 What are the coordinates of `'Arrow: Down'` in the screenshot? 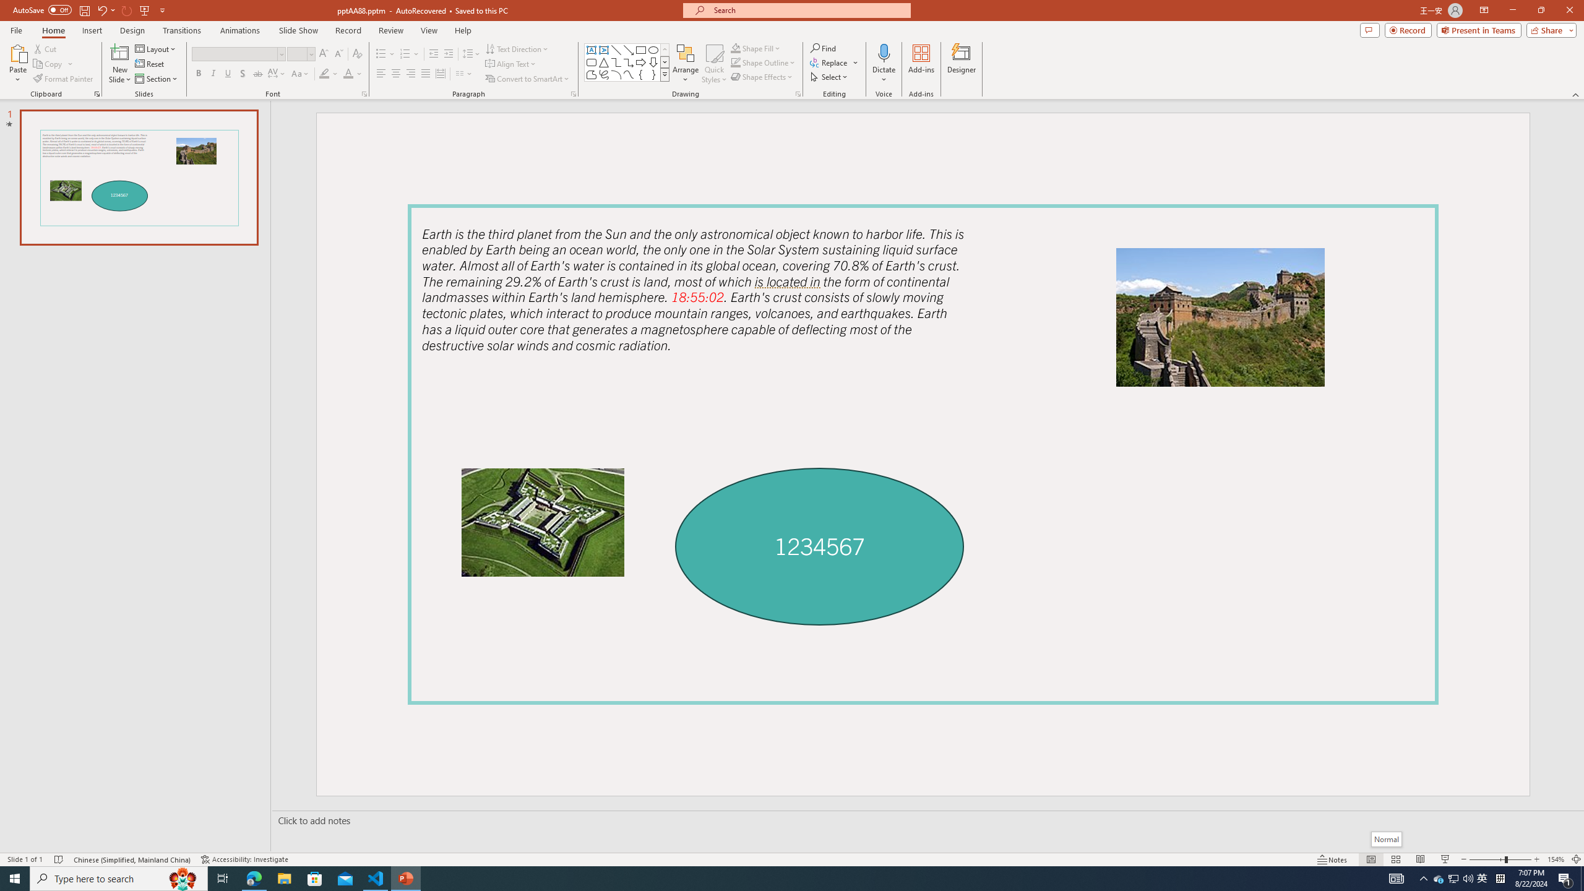 It's located at (653, 61).